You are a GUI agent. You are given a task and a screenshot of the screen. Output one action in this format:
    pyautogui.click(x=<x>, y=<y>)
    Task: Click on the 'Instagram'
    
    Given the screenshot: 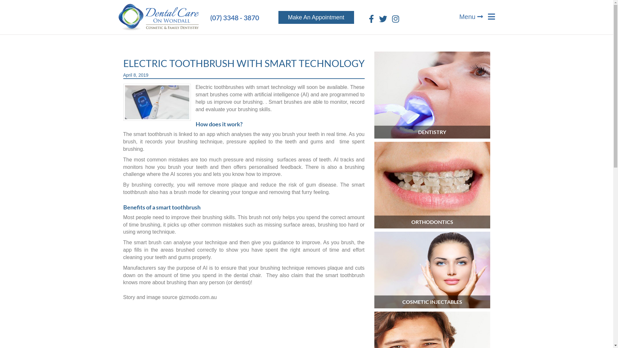 What is the action you would take?
    pyautogui.click(x=395, y=18)
    